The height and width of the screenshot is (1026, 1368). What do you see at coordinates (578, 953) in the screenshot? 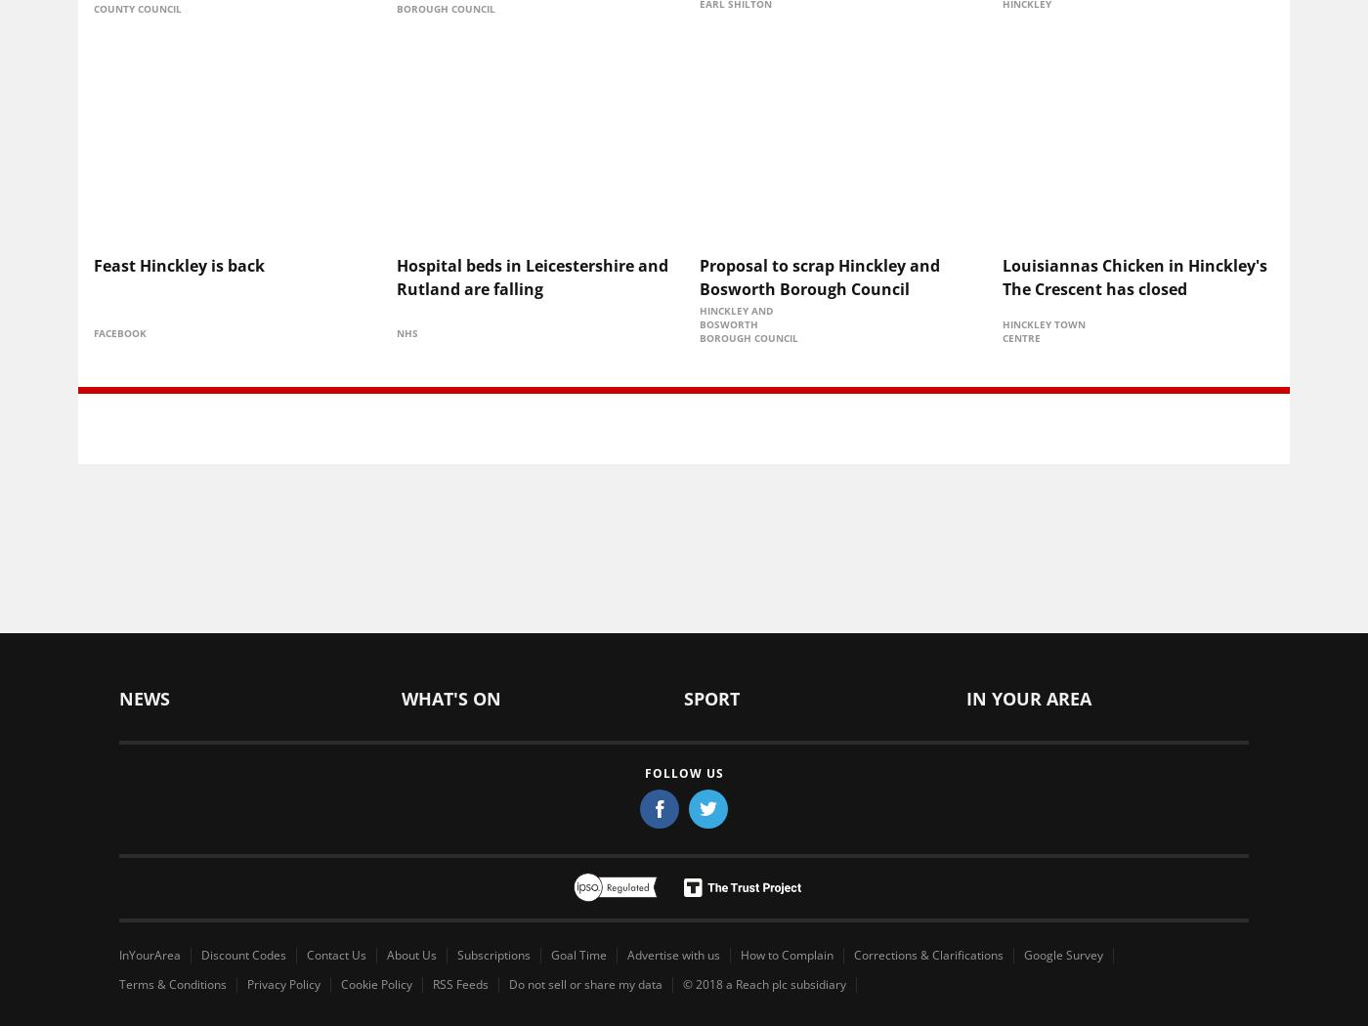
I see `'Goal Time'` at bounding box center [578, 953].